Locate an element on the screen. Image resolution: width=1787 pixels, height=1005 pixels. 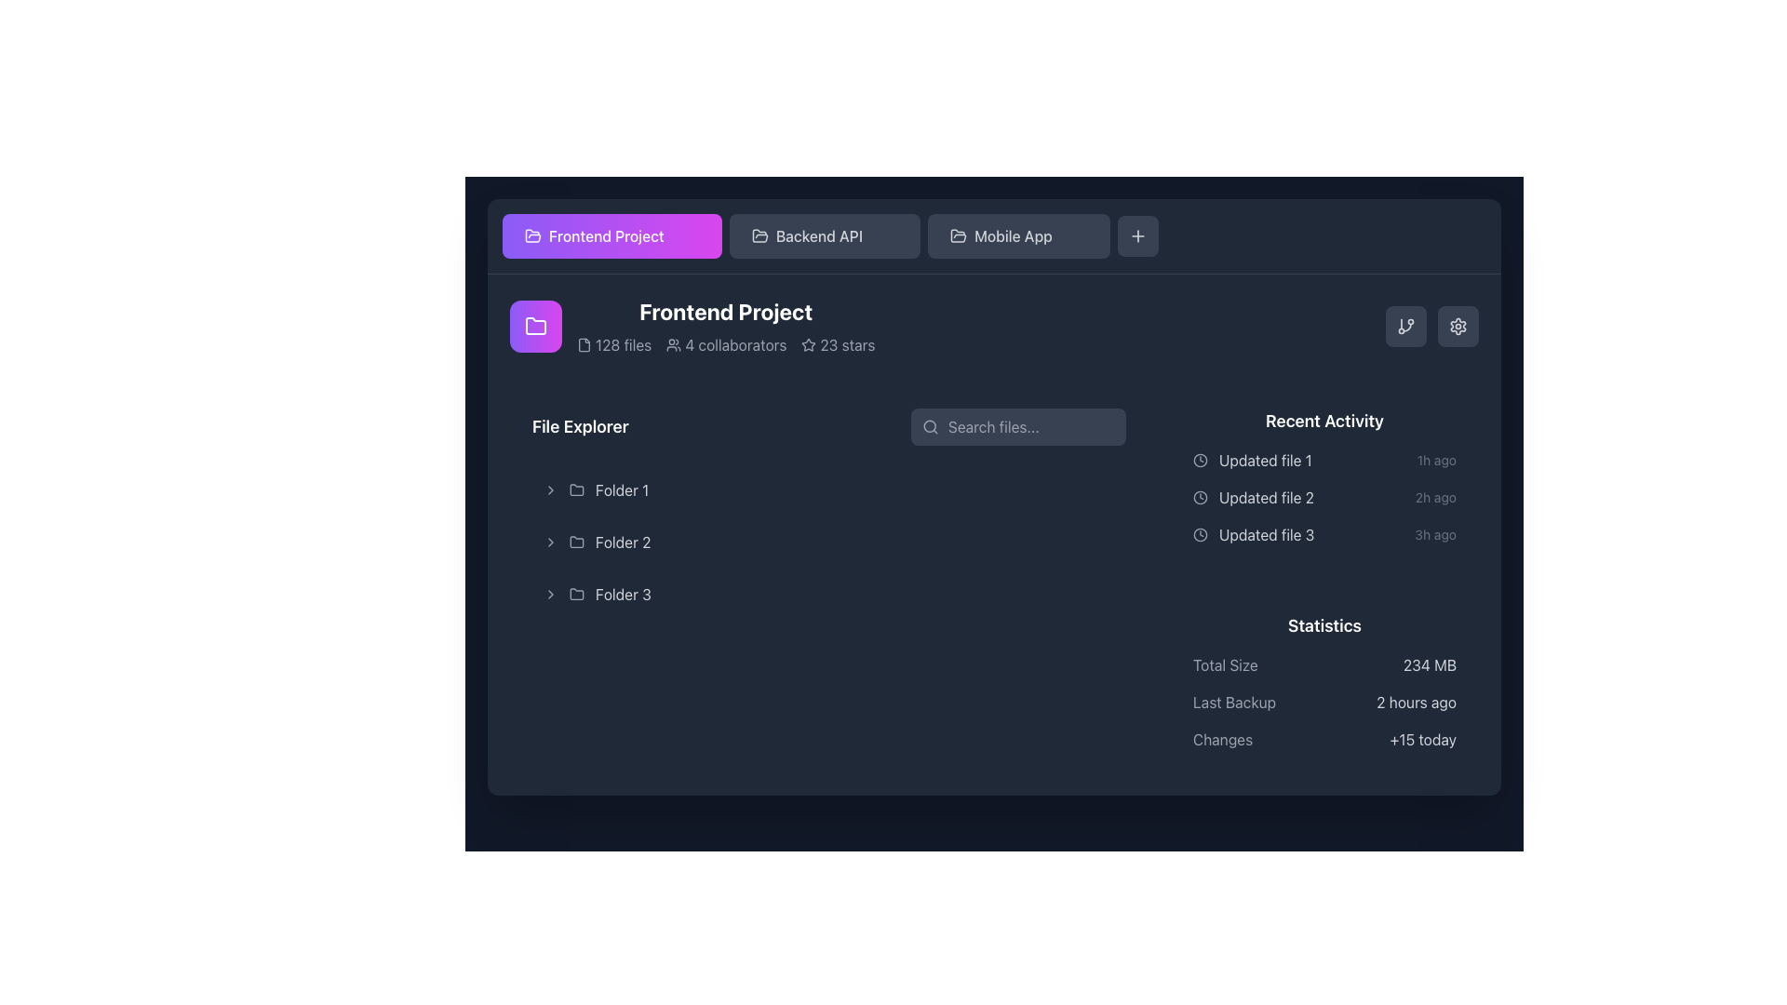
the descriptive text next to the collaborators icon, which visually represents the number of team members, located in the upper part of the application interface near the project header is located at coordinates (673, 344).